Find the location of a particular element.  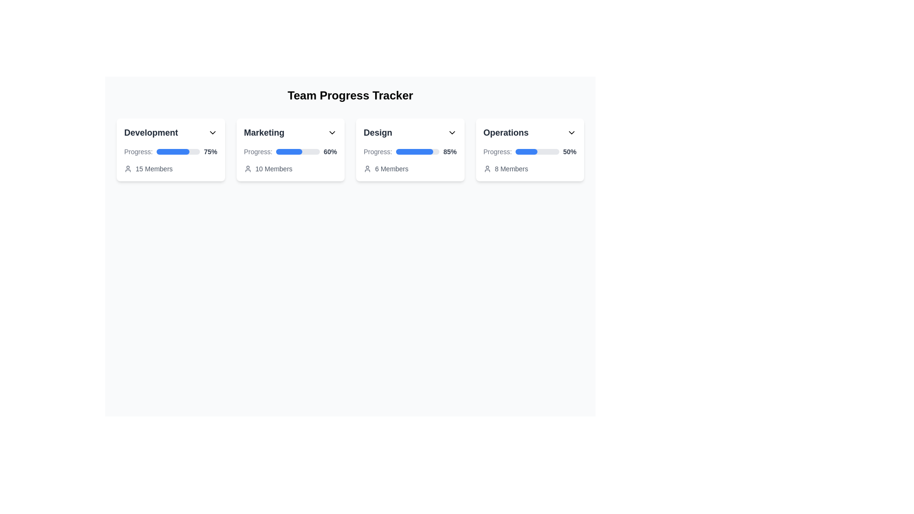

the visual representation of the progress in the horizontal progress bar located in the 'Development' section of the 'Team Progress Tracker' interface, which is filled to 75% with blue color is located at coordinates (178, 151).